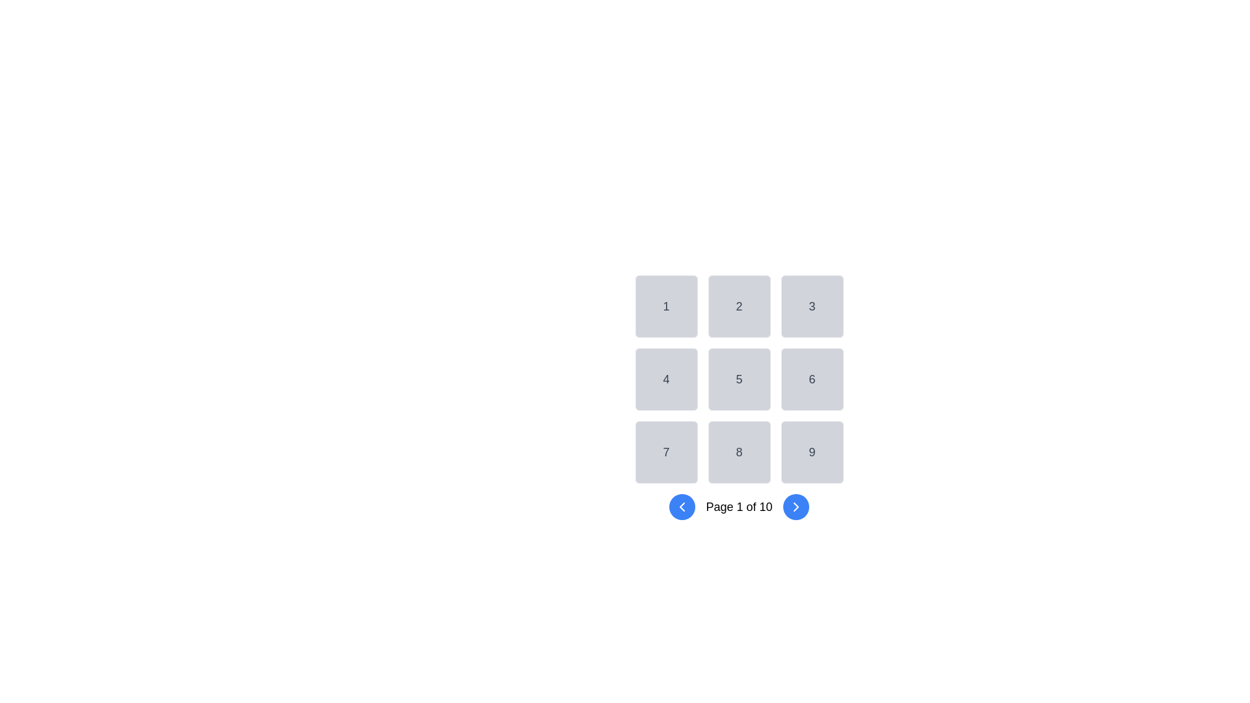  Describe the element at coordinates (795, 506) in the screenshot. I see `the right-facing chevron-shaped icon (▶) within the blue circular button located in the bottom-right corner of the interface` at that location.